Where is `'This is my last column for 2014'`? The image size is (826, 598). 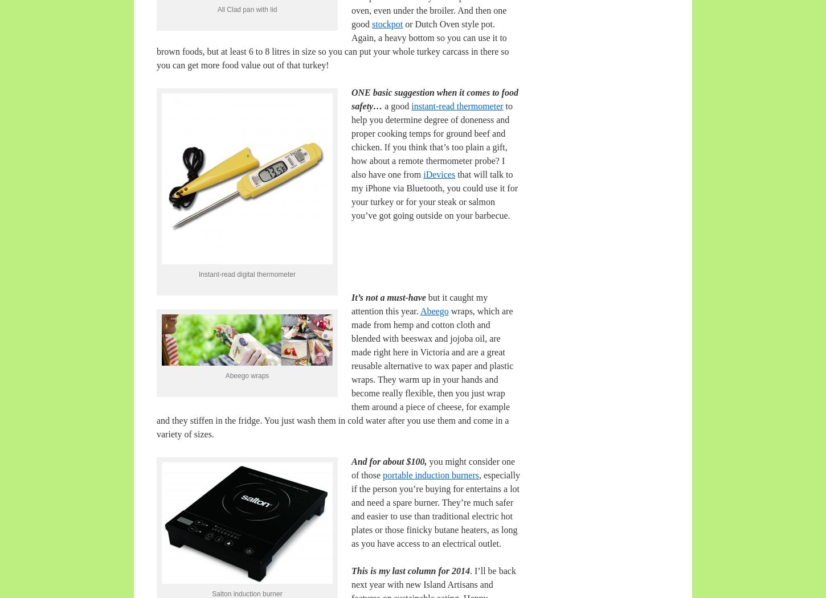 'This is my last column for 2014' is located at coordinates (410, 571).